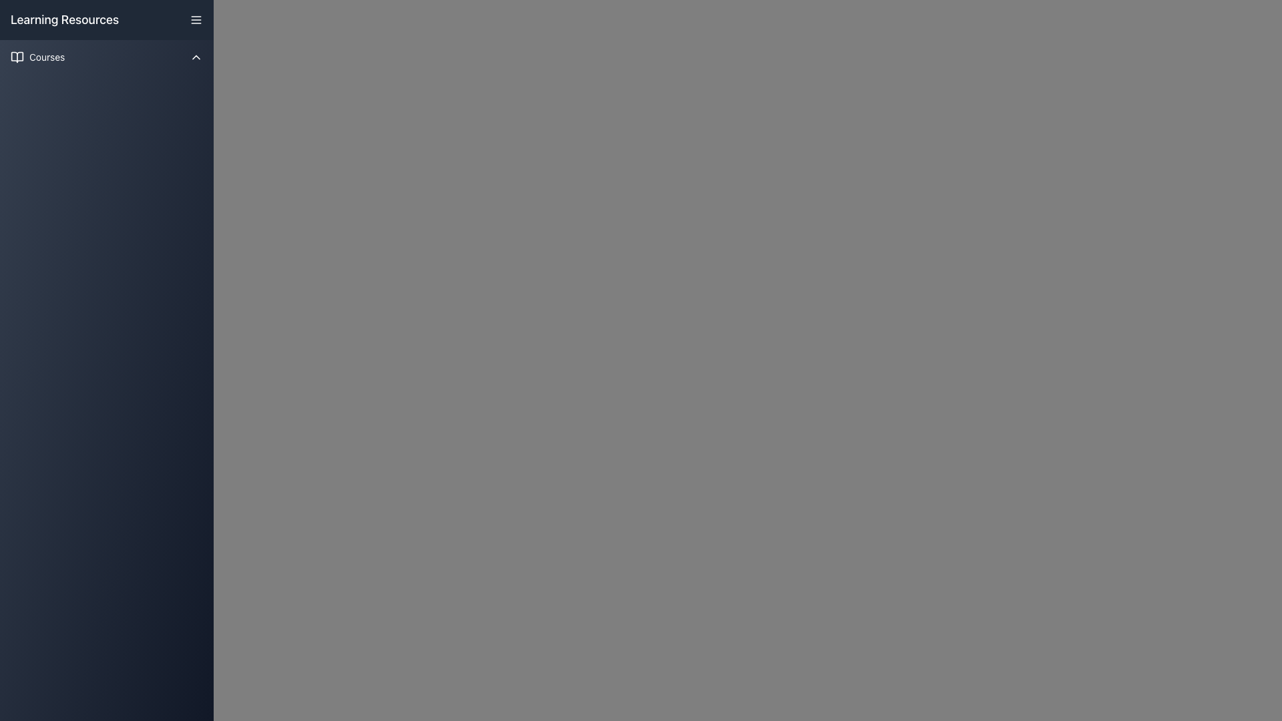 This screenshot has height=721, width=1282. What do you see at coordinates (105, 56) in the screenshot?
I see `the 'Courses' menu item, which features a book icon and an upward-chevron icon` at bounding box center [105, 56].